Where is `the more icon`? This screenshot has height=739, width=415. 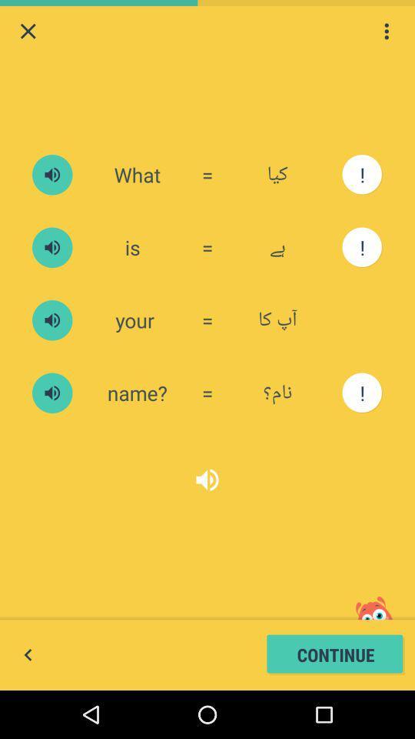
the more icon is located at coordinates (386, 32).